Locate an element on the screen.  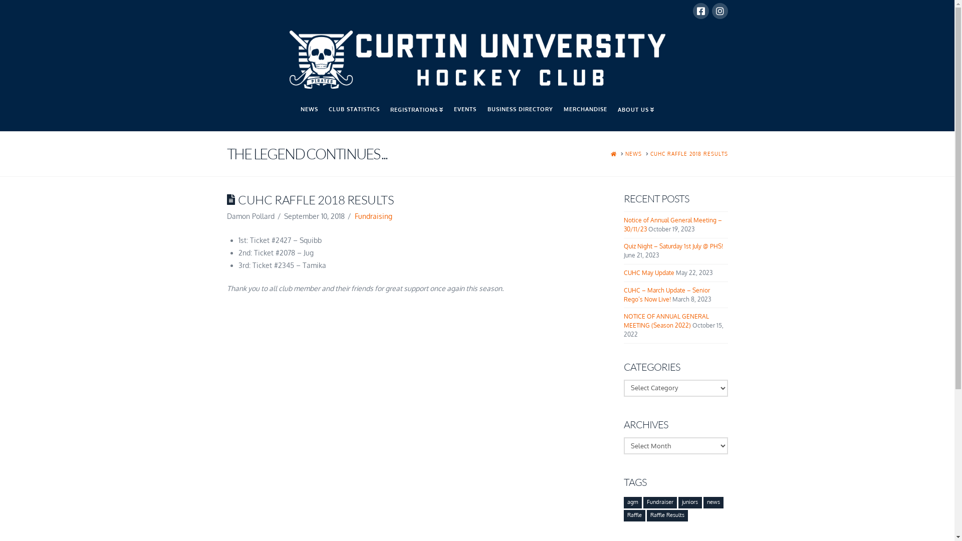
'MERCHANDISE' is located at coordinates (585, 113).